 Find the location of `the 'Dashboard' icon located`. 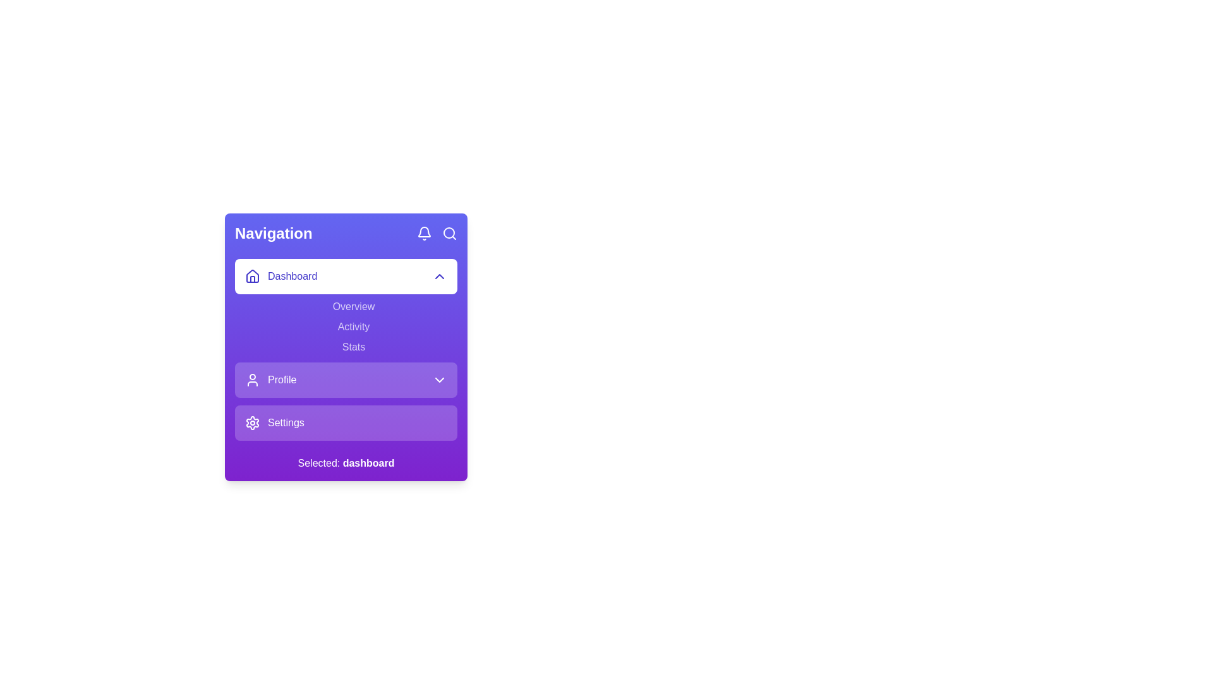

the 'Dashboard' icon located is located at coordinates (252, 276).